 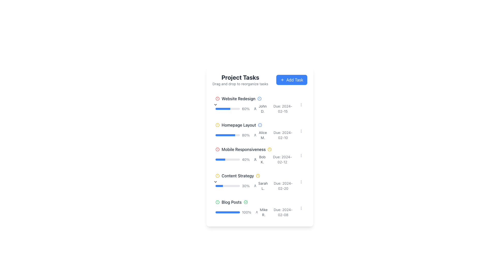 I want to click on the user profile icon, which is a dark gray minimalist line-art symbol located to the immediate left of the text 'Bob K.' in the task list for 'Mobile Responsiveness', so click(x=255, y=159).